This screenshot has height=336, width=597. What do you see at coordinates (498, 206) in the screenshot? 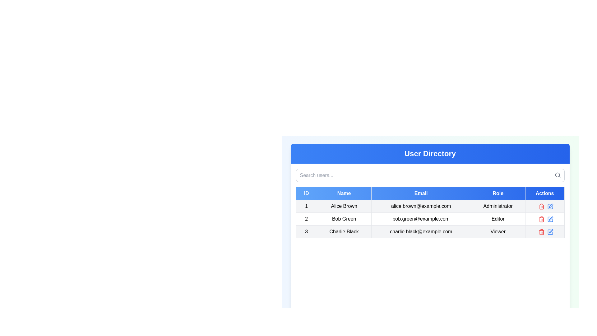
I see `the text label indicating the user's role as 'Administrator' in the User Directory table` at bounding box center [498, 206].